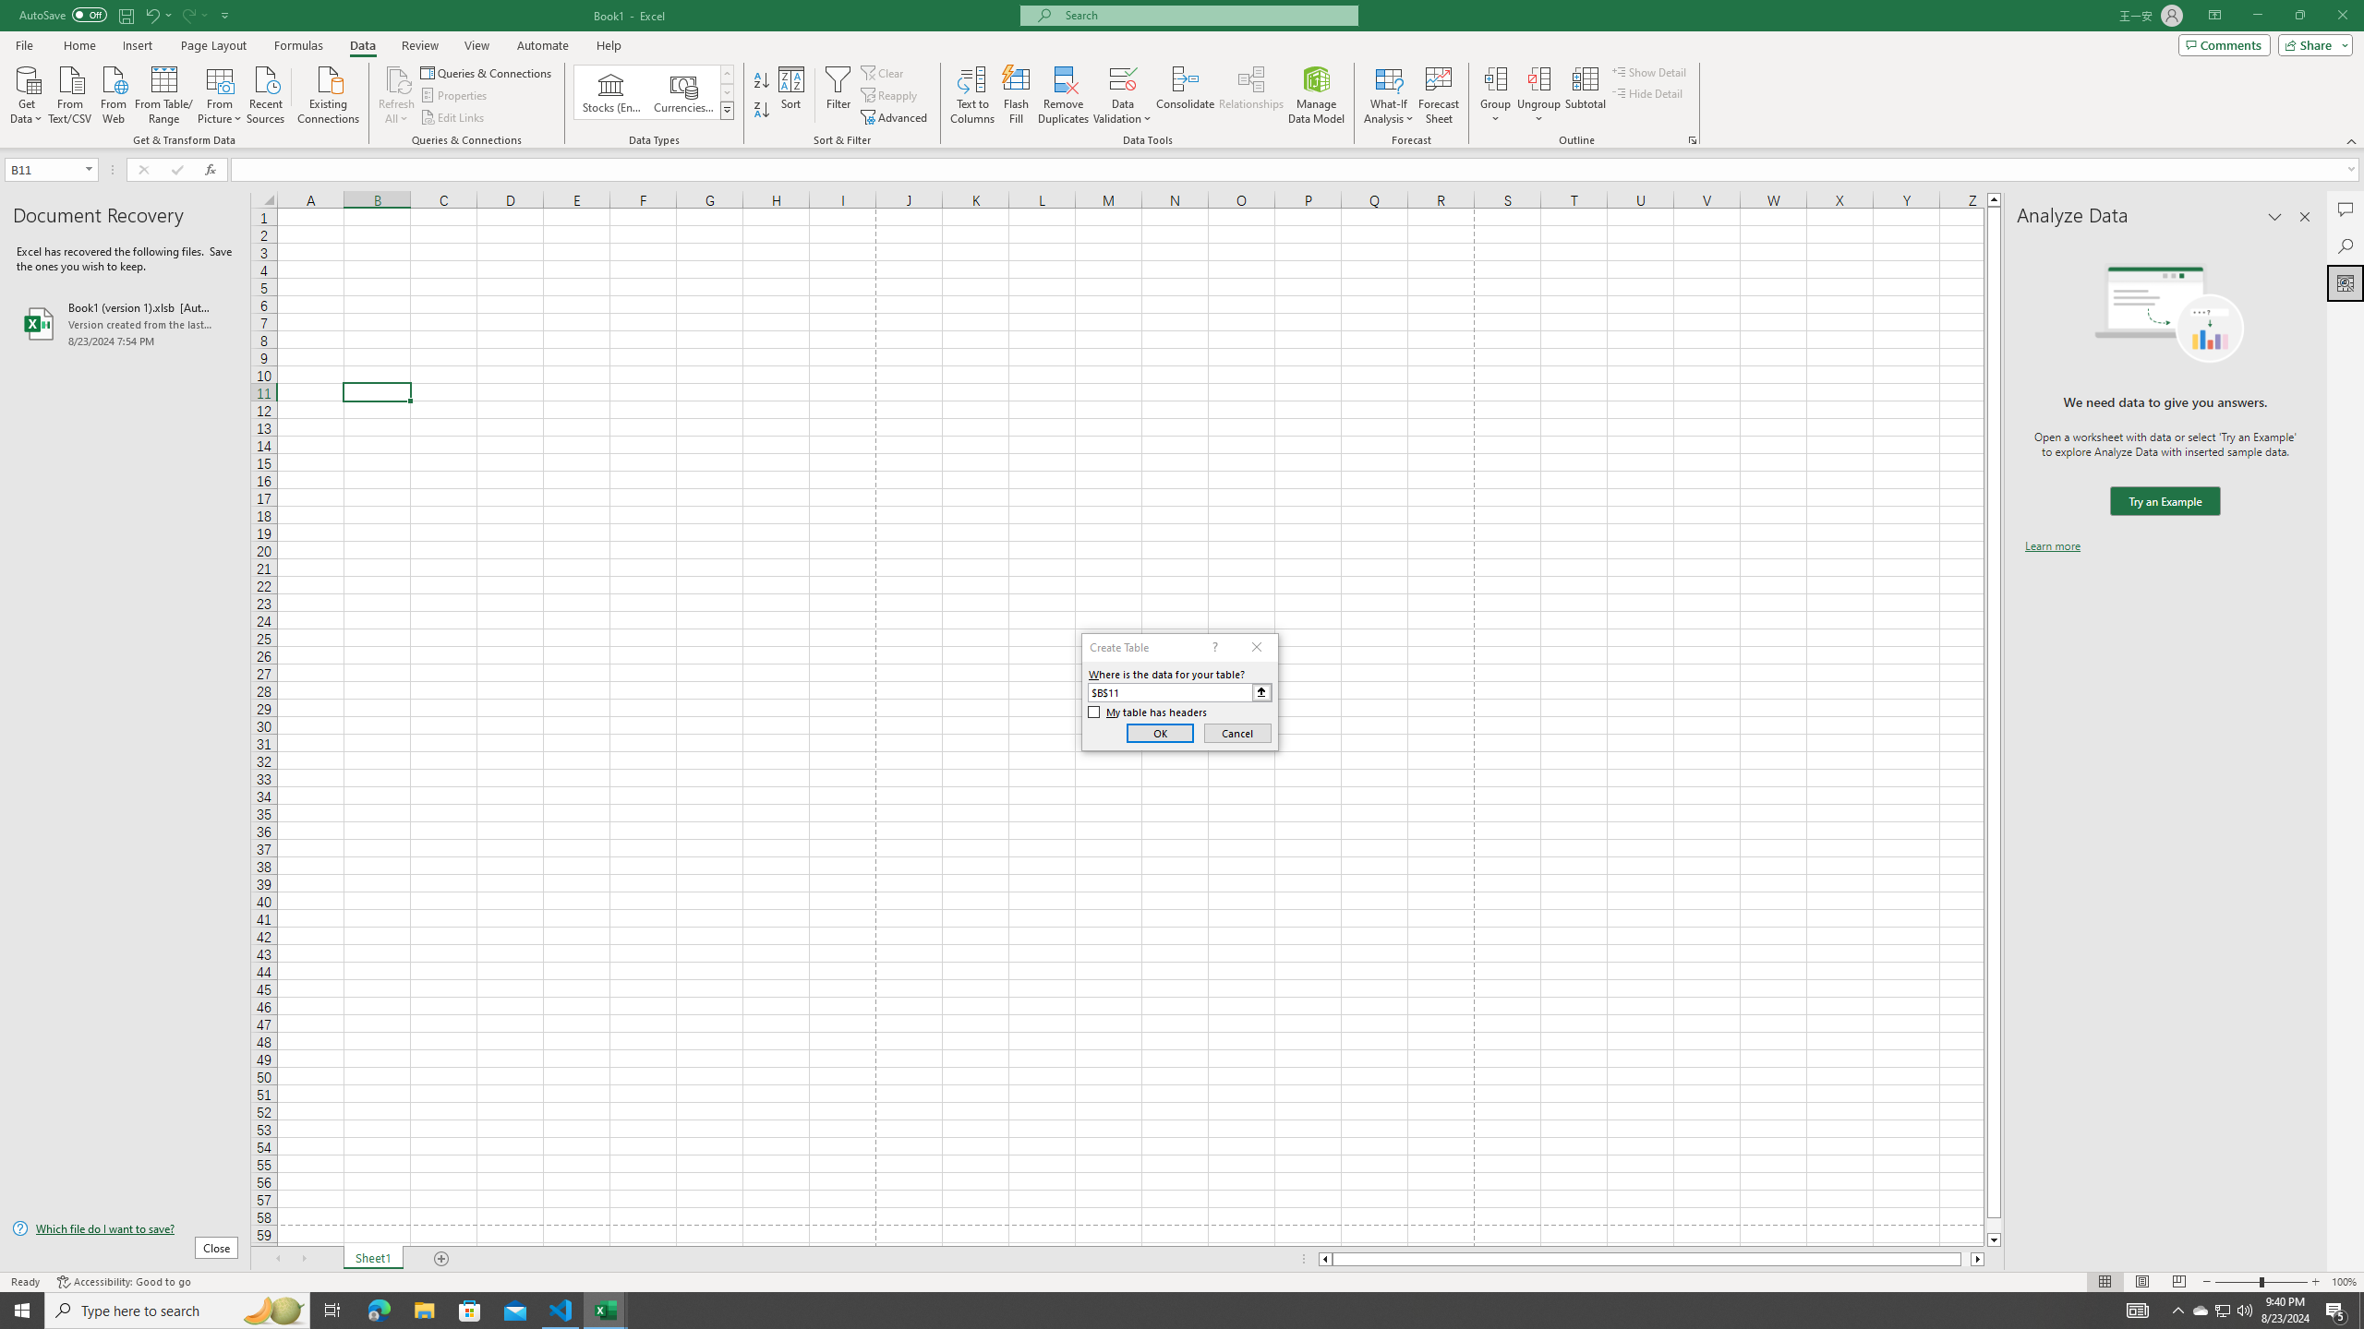  I want to click on 'Properties', so click(455, 95).